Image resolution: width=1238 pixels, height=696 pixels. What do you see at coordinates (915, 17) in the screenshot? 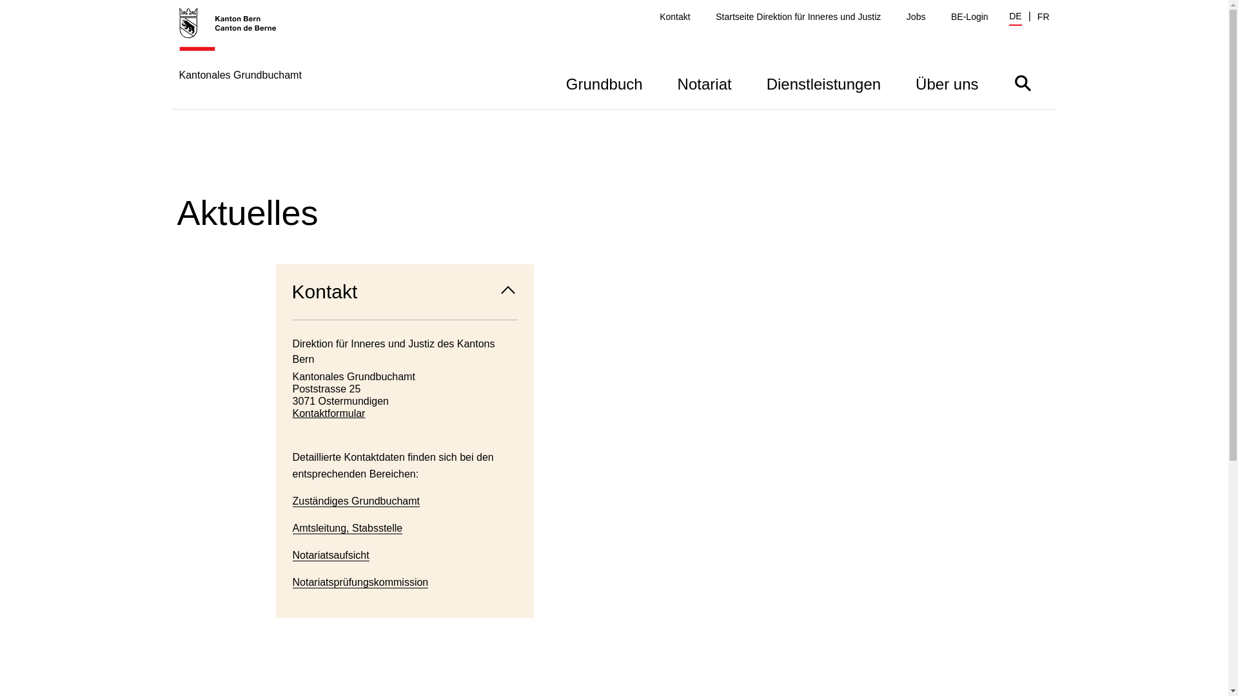
I see `'Jobs'` at bounding box center [915, 17].